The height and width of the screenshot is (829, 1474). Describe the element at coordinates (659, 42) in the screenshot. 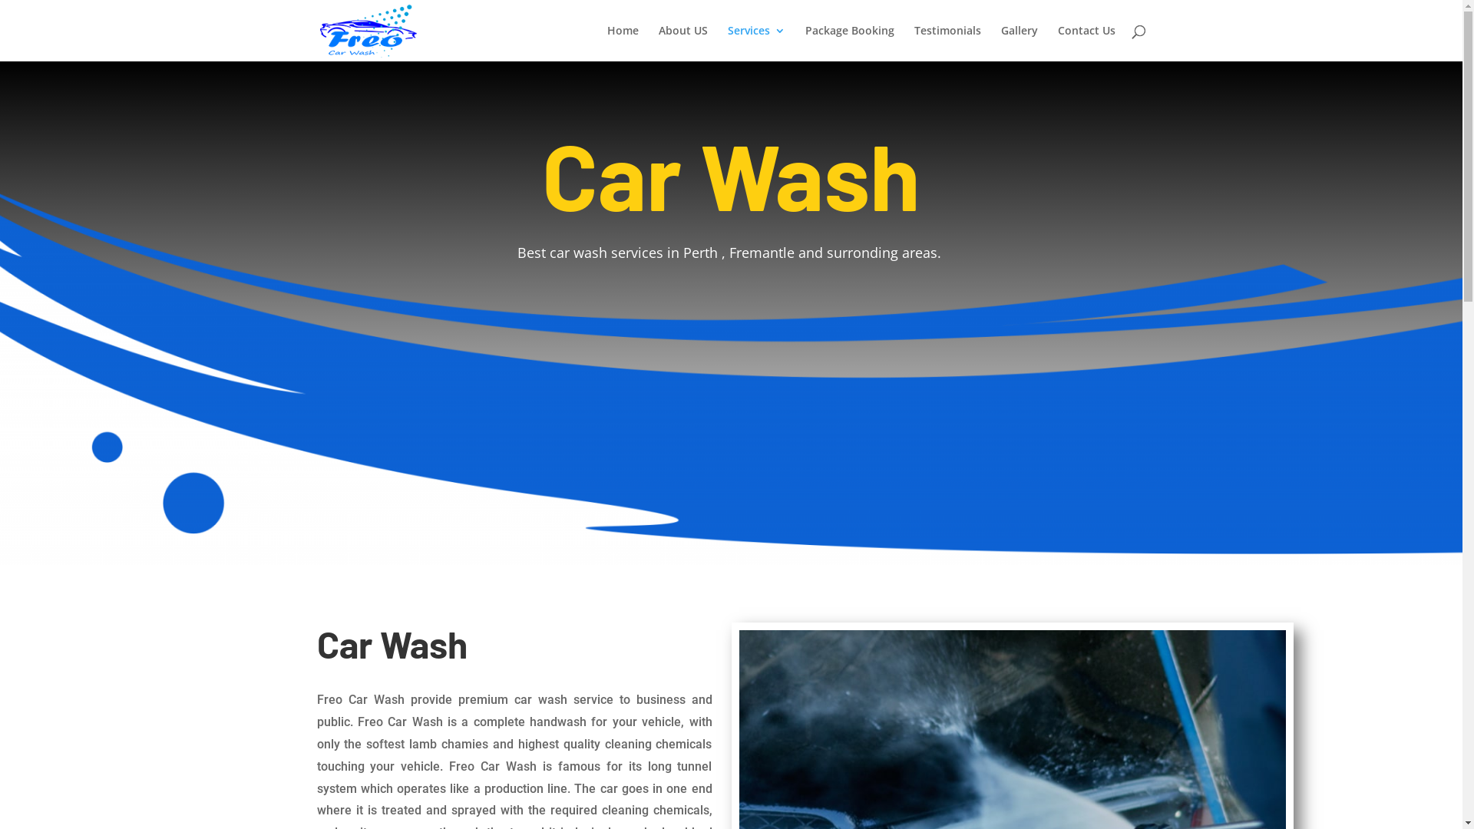

I see `'About US'` at that location.